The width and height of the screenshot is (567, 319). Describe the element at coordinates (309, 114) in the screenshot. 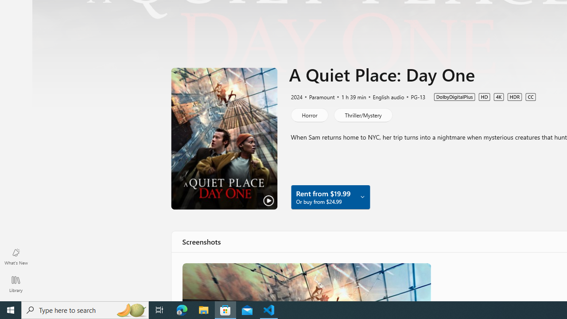

I see `'Horror'` at that location.